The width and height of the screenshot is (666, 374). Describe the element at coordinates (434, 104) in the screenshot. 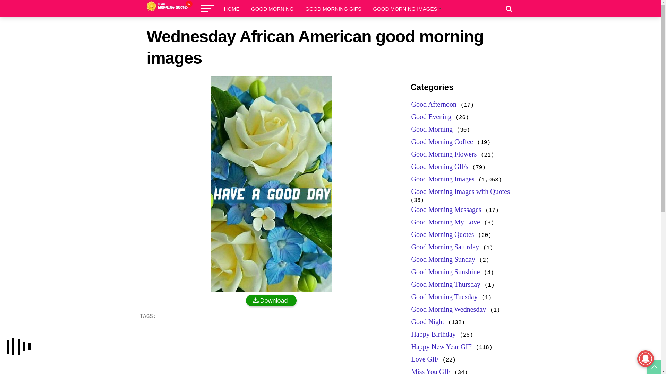

I see `'Good Afternoon'` at that location.